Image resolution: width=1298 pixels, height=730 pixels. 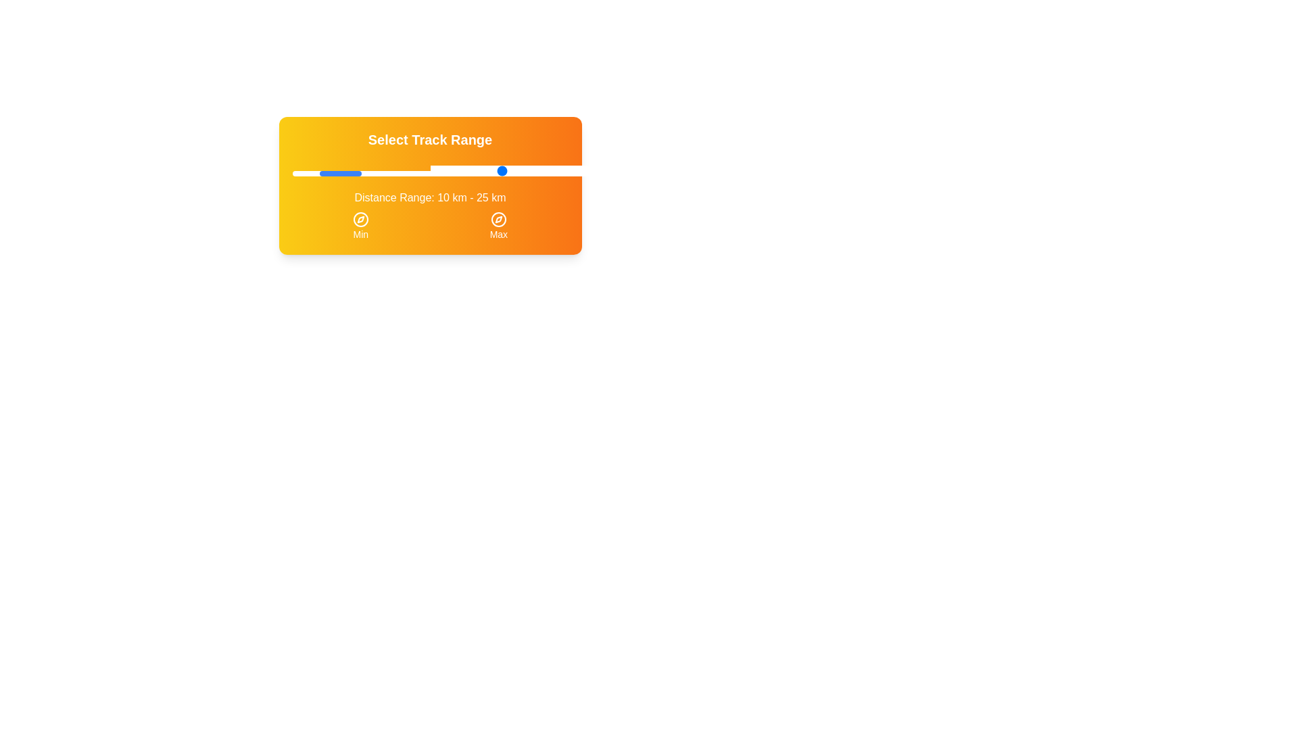 What do you see at coordinates (429, 198) in the screenshot?
I see `the label that displays the currently selected distance range, positioned below the progress bar and above the controls labeled 'Min' and 'Max'` at bounding box center [429, 198].